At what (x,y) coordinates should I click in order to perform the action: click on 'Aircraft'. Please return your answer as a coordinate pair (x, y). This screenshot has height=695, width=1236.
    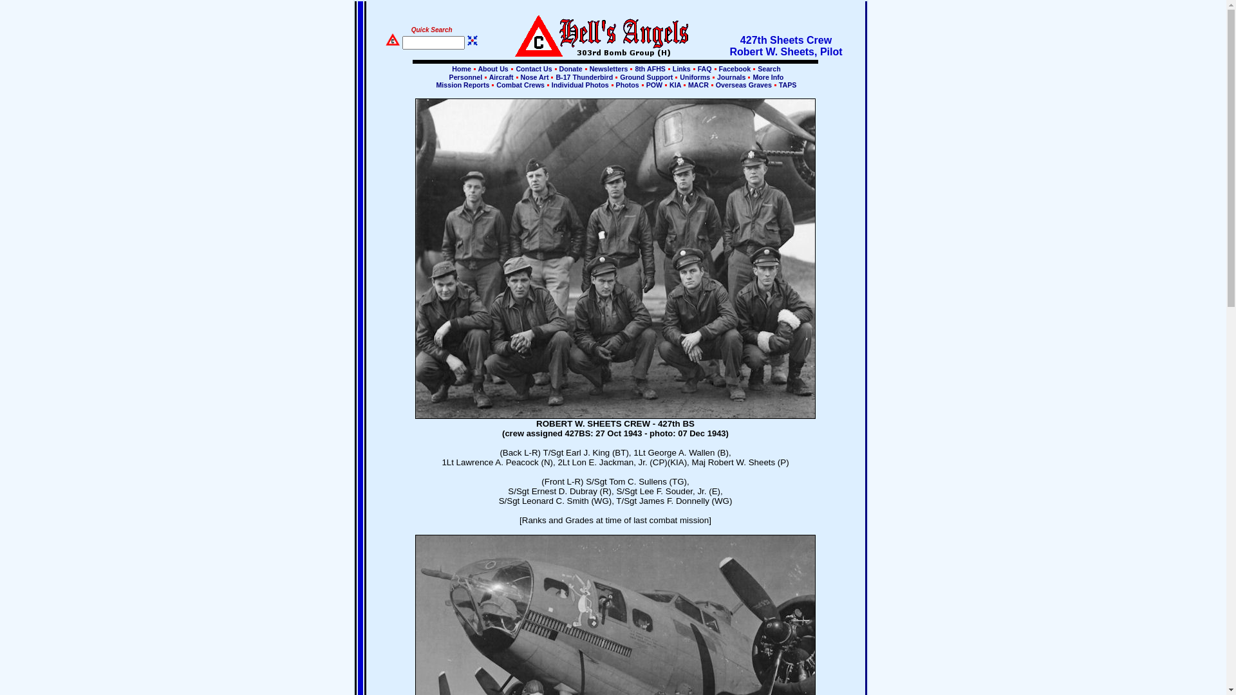
    Looking at the image, I should click on (487, 77).